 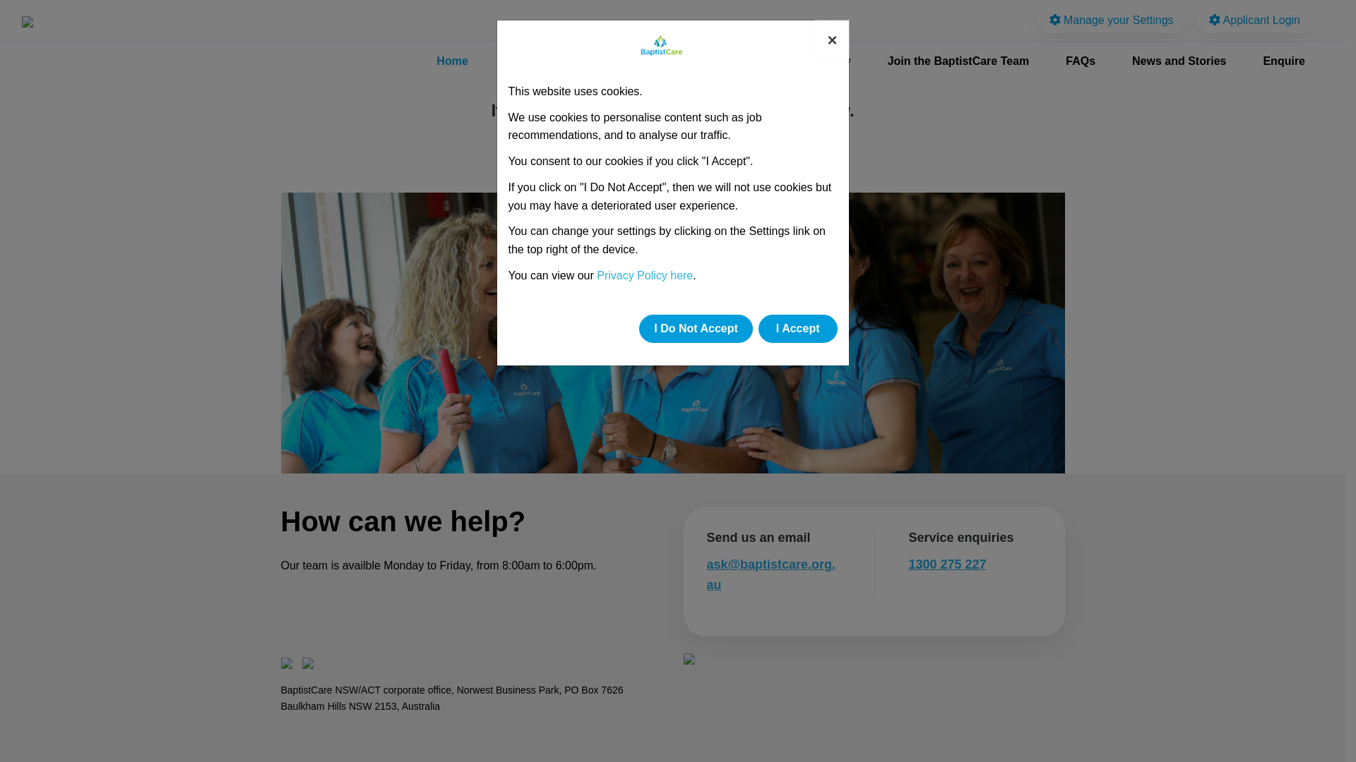 What do you see at coordinates (770, 574) in the screenshot?
I see `'ask@baptistcare.org.au'` at bounding box center [770, 574].